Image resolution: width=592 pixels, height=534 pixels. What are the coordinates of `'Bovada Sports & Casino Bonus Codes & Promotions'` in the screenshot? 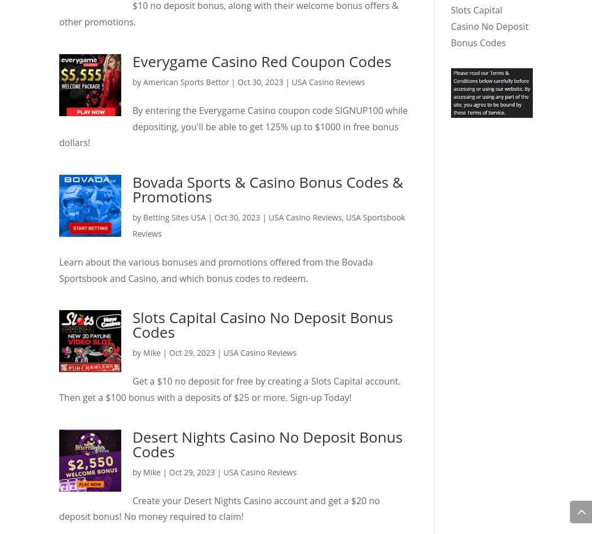 It's located at (132, 188).